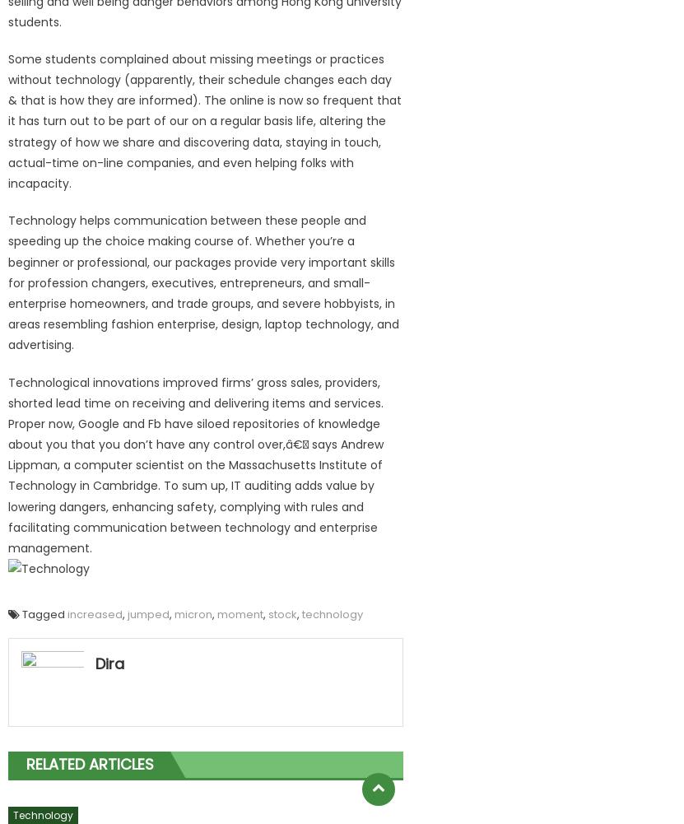  I want to click on 'dira', so click(109, 662).